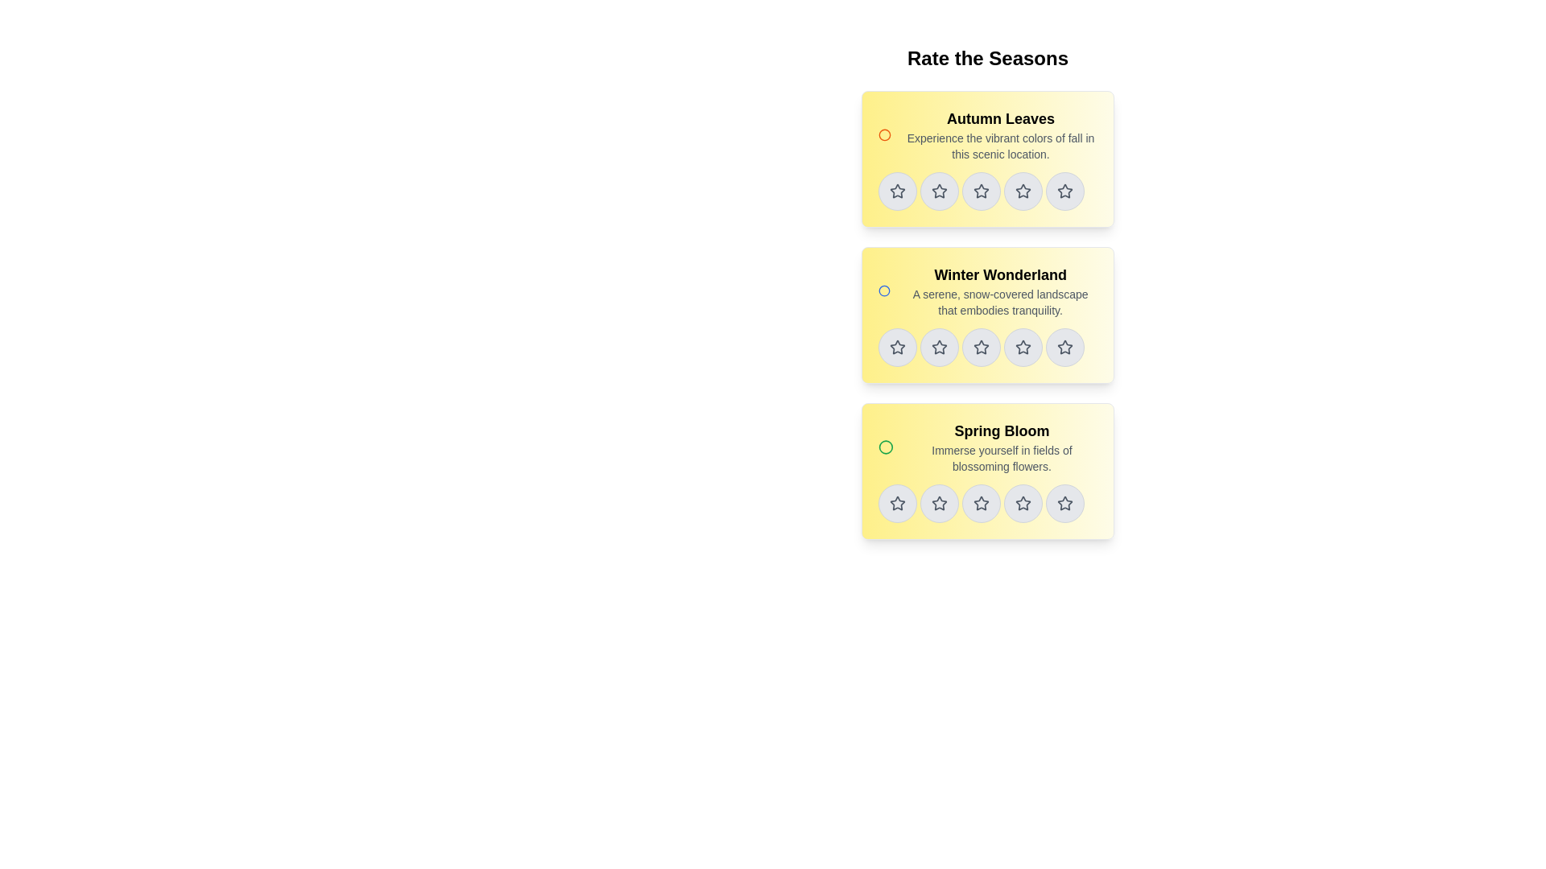 This screenshot has height=869, width=1546. What do you see at coordinates (1023, 502) in the screenshot?
I see `the fourth star in the horizontal row of five stars in the 'Spring Bloom' section` at bounding box center [1023, 502].